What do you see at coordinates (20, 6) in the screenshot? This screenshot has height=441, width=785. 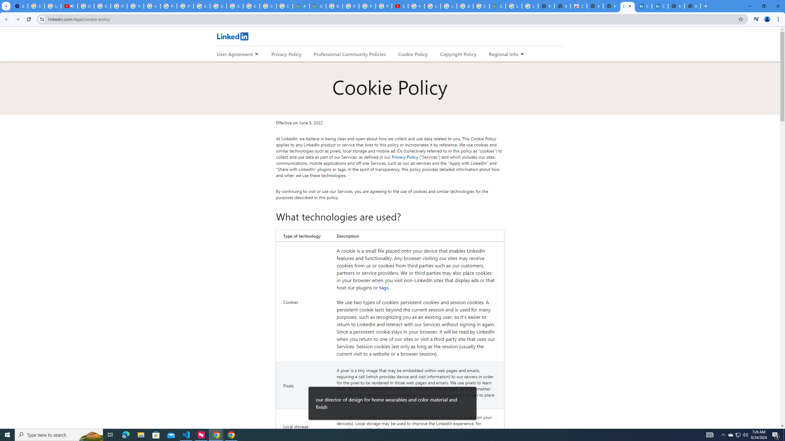 I see `'Settings - Customize profile'` at bounding box center [20, 6].